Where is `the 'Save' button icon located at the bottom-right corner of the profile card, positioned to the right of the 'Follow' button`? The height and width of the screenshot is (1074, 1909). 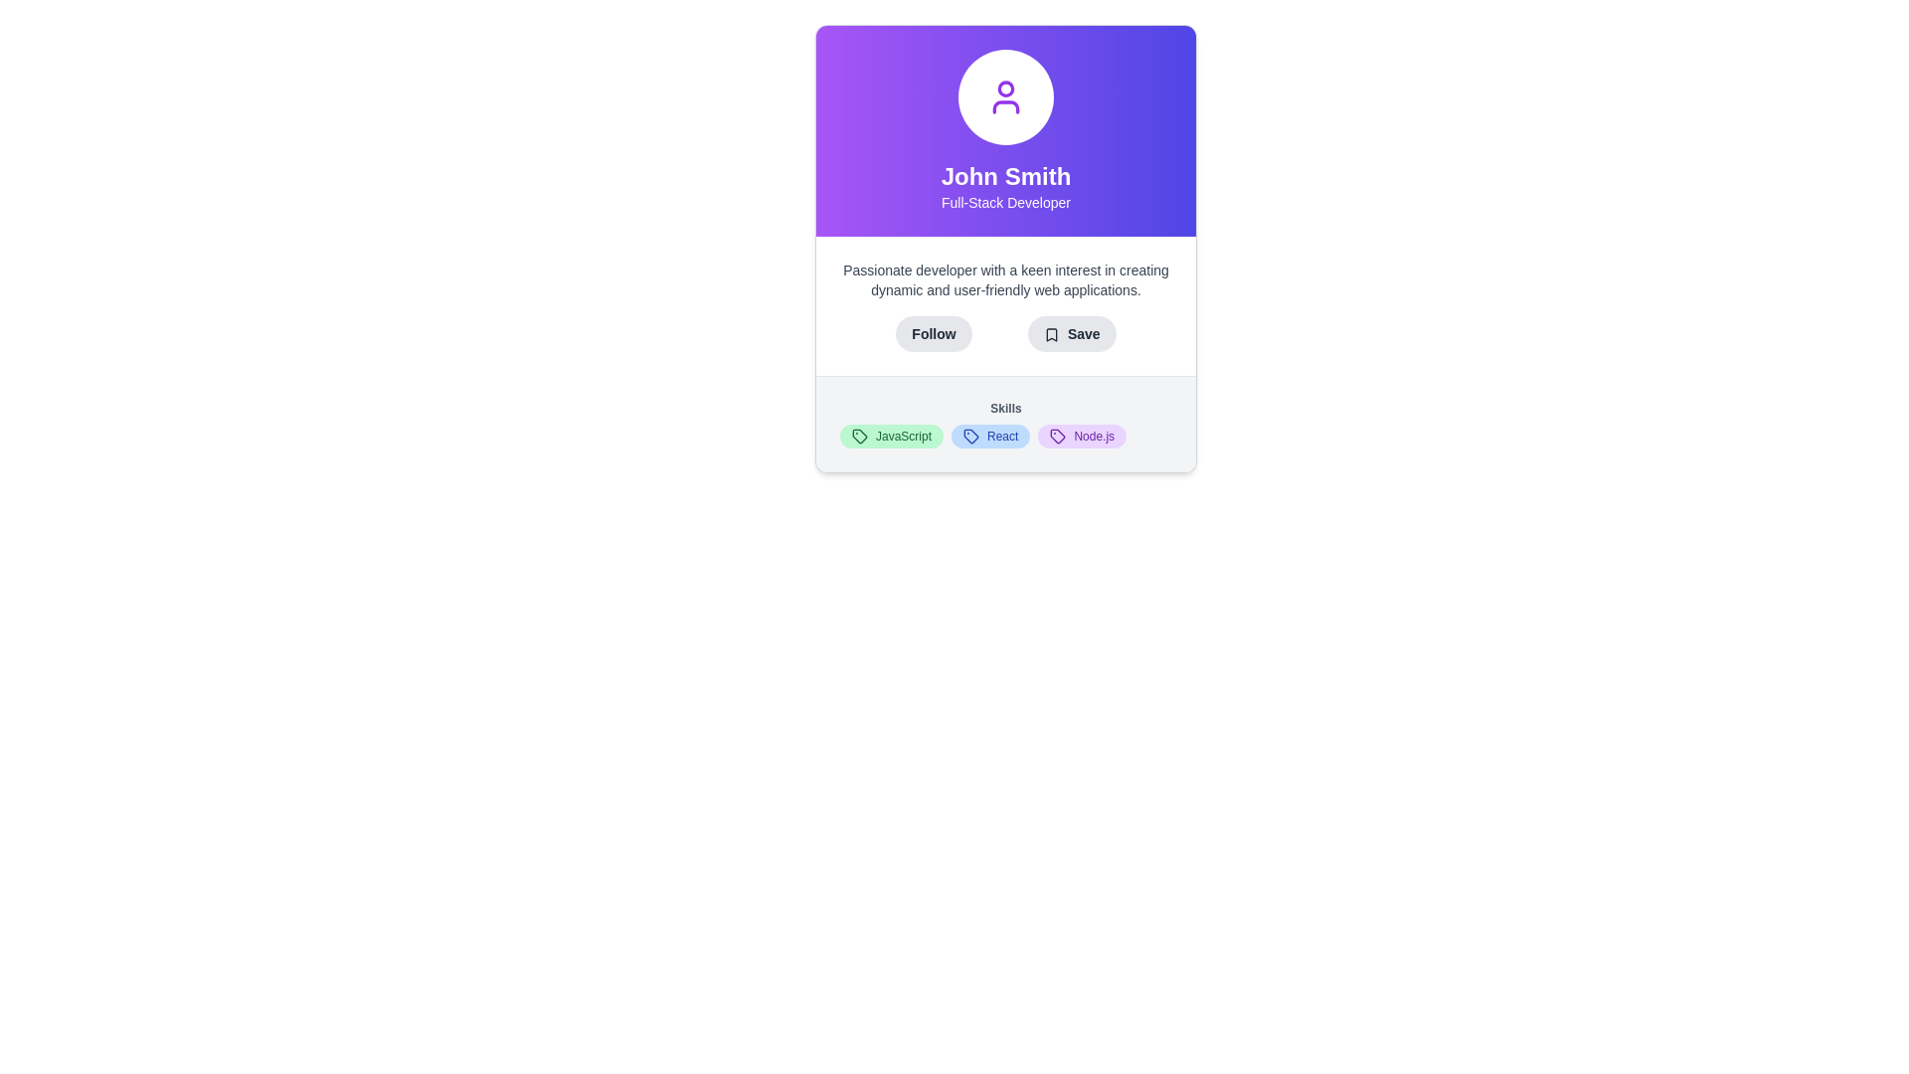
the 'Save' button icon located at the bottom-right corner of the profile card, positioned to the right of the 'Follow' button is located at coordinates (1051, 334).